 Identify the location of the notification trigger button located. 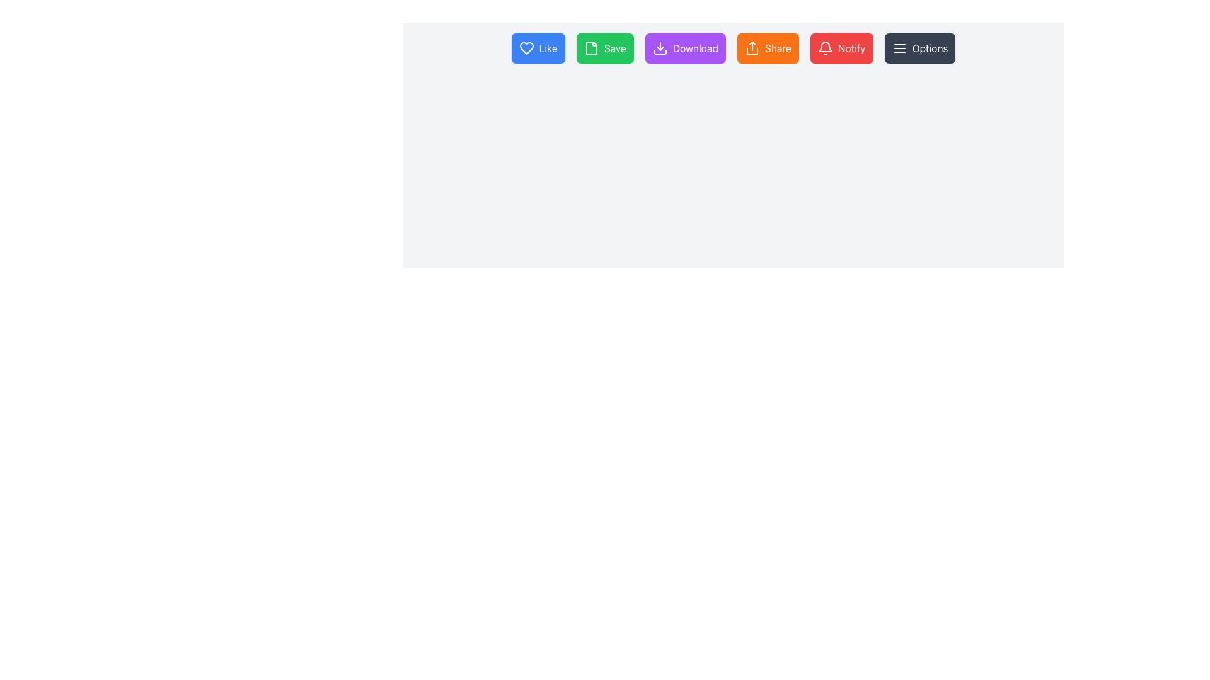
(841, 48).